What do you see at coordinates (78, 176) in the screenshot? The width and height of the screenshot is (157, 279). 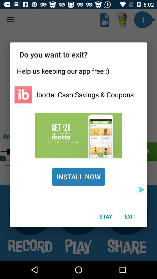 I see `the item above the stay item` at bounding box center [78, 176].